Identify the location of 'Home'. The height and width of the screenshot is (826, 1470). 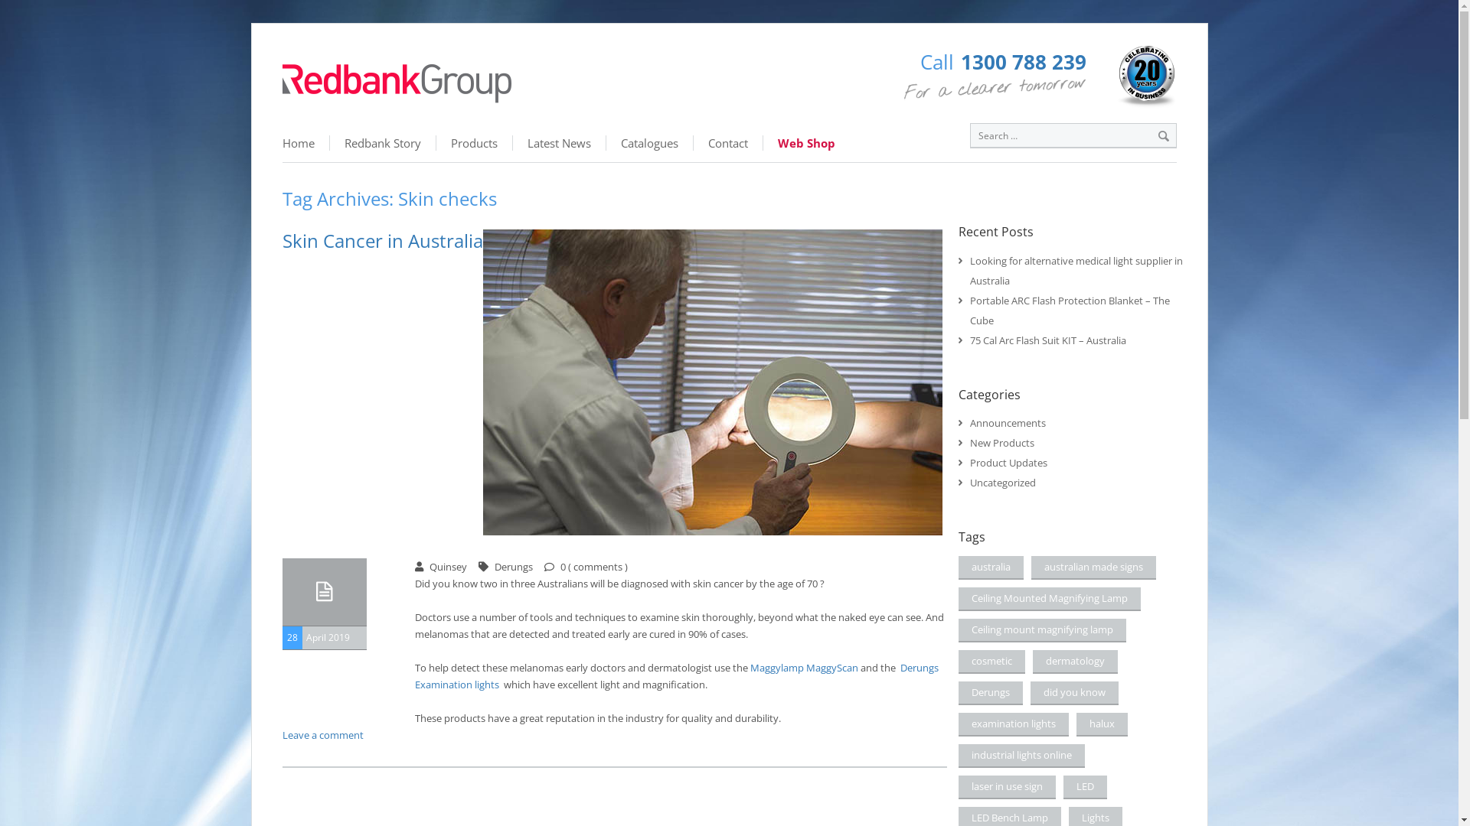
(305, 142).